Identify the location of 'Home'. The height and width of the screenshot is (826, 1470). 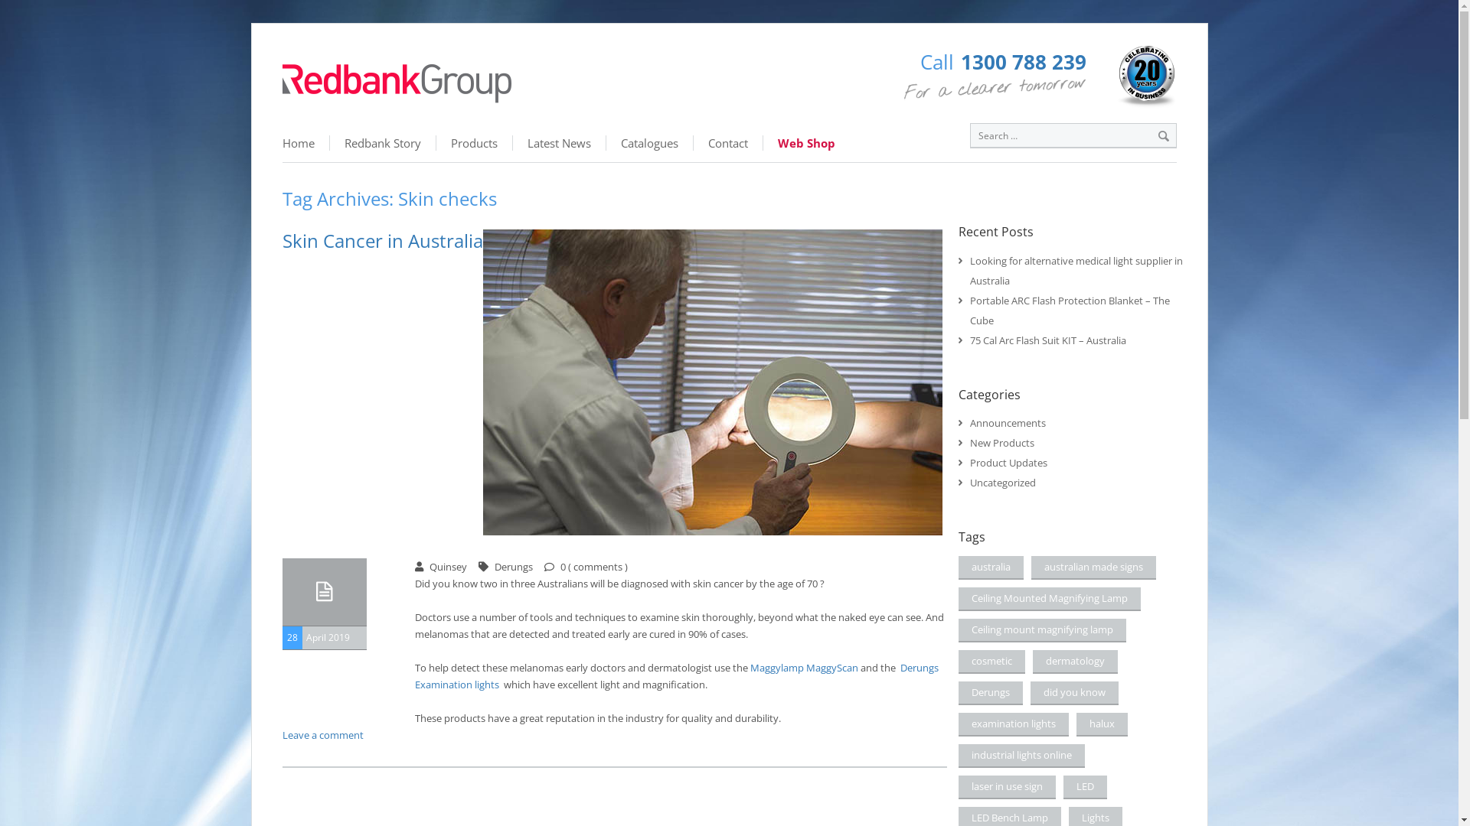
(305, 142).